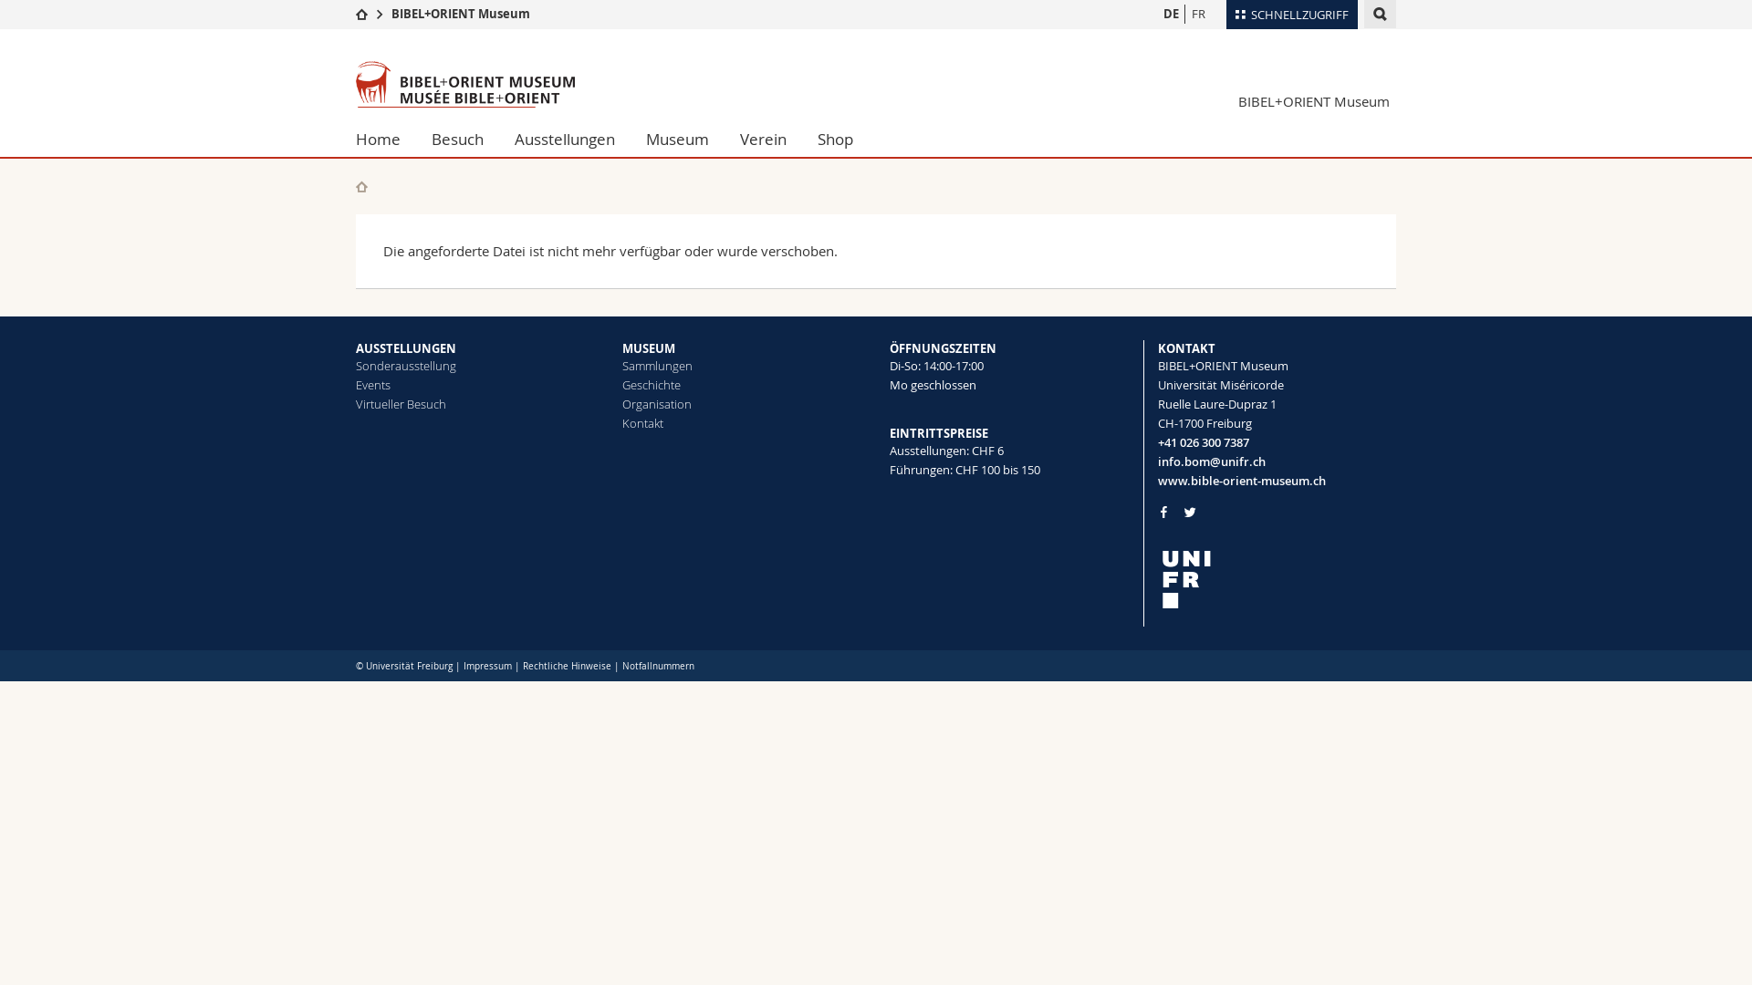  What do you see at coordinates (1170, 14) in the screenshot?
I see `'DE'` at bounding box center [1170, 14].